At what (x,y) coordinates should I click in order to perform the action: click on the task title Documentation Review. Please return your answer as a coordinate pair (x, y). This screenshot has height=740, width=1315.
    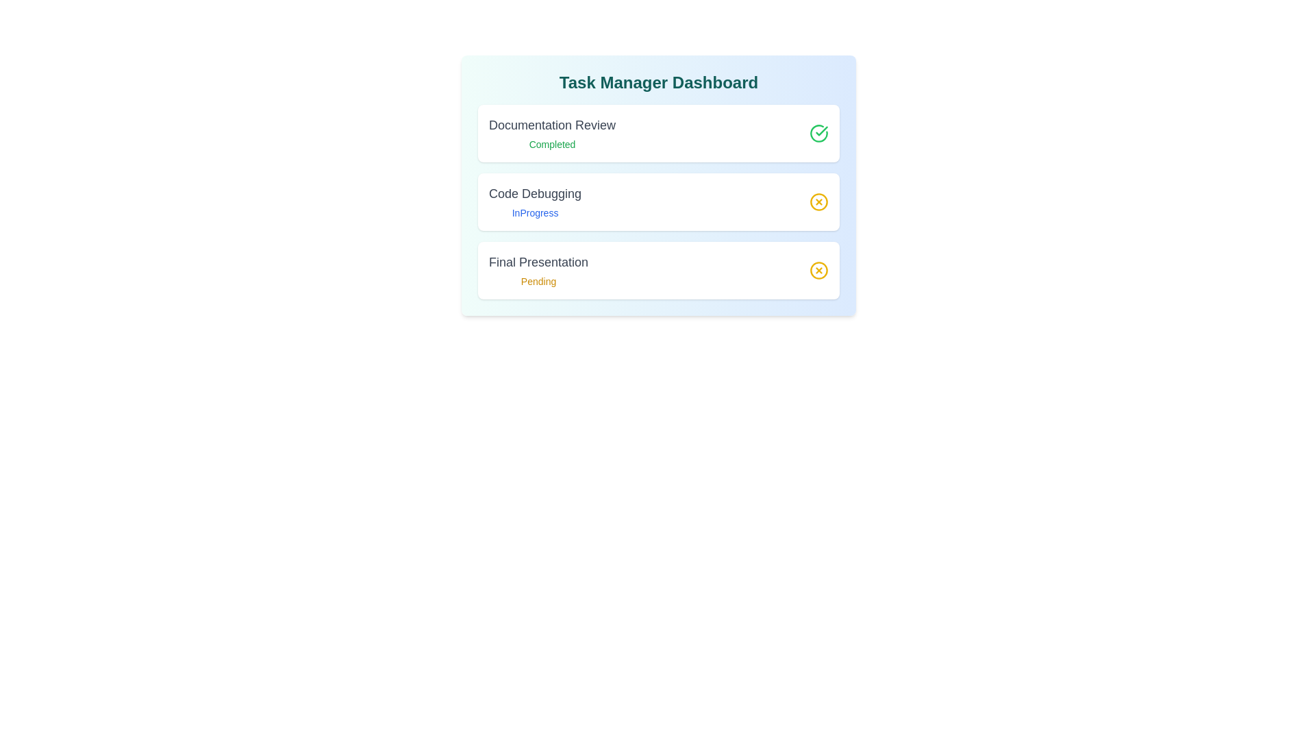
    Looking at the image, I should click on (552, 125).